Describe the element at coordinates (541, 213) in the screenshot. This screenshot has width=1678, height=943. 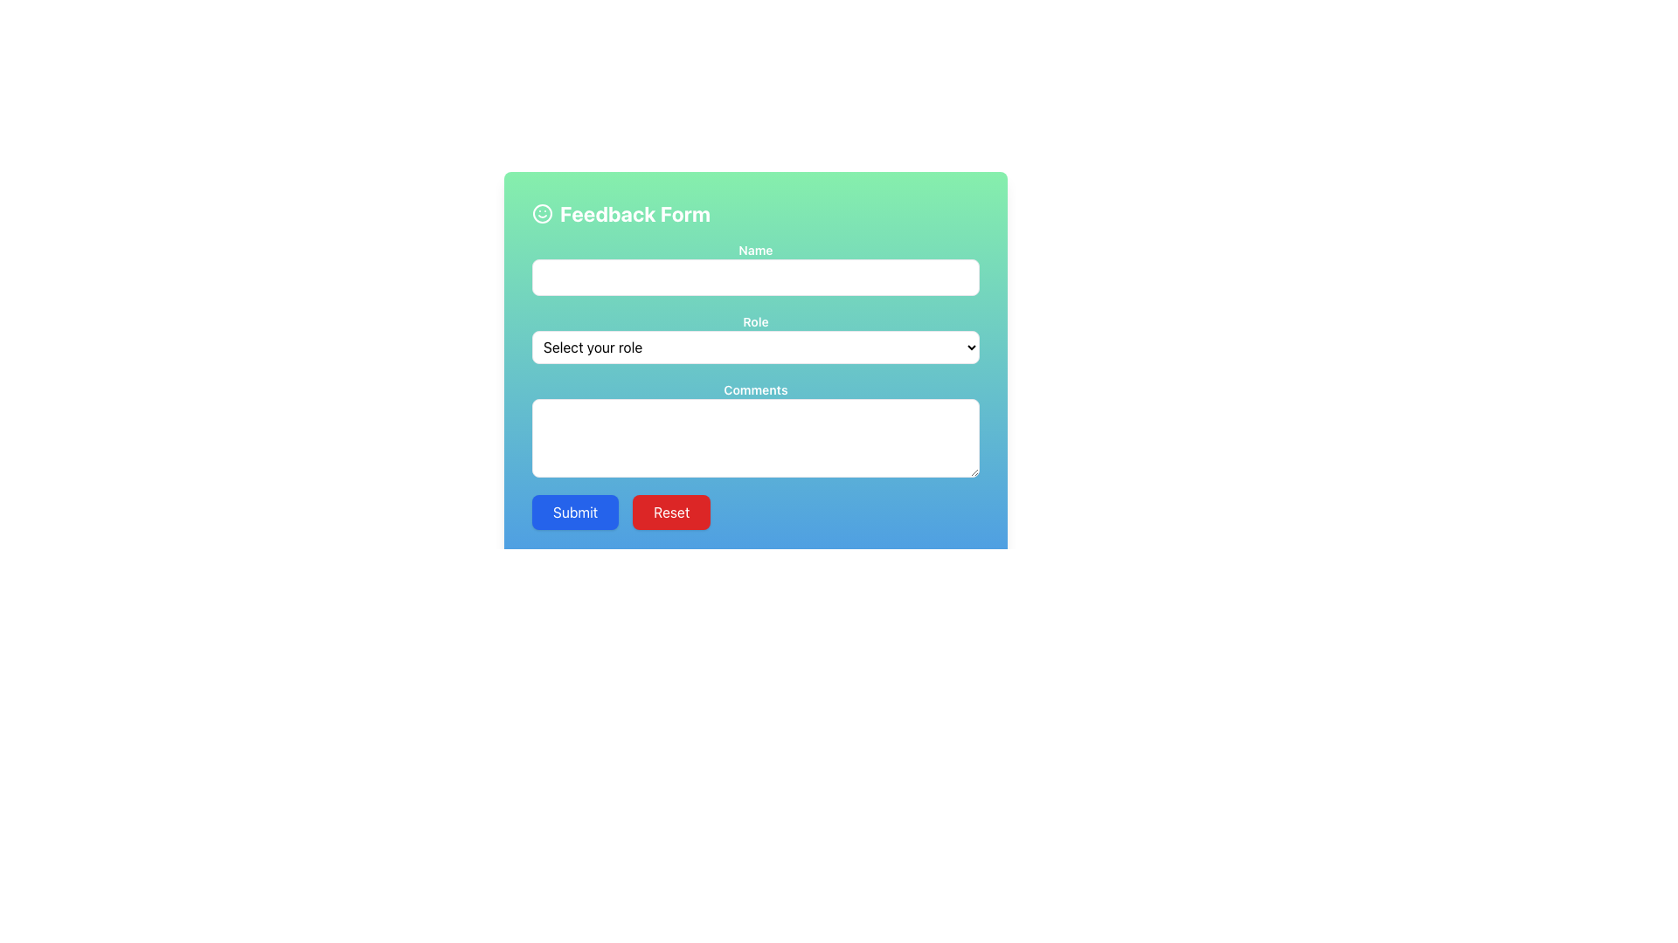
I see `the circular smiley face icon located to the left of the 'Feedback Form' text in the top header of the form interface` at that location.